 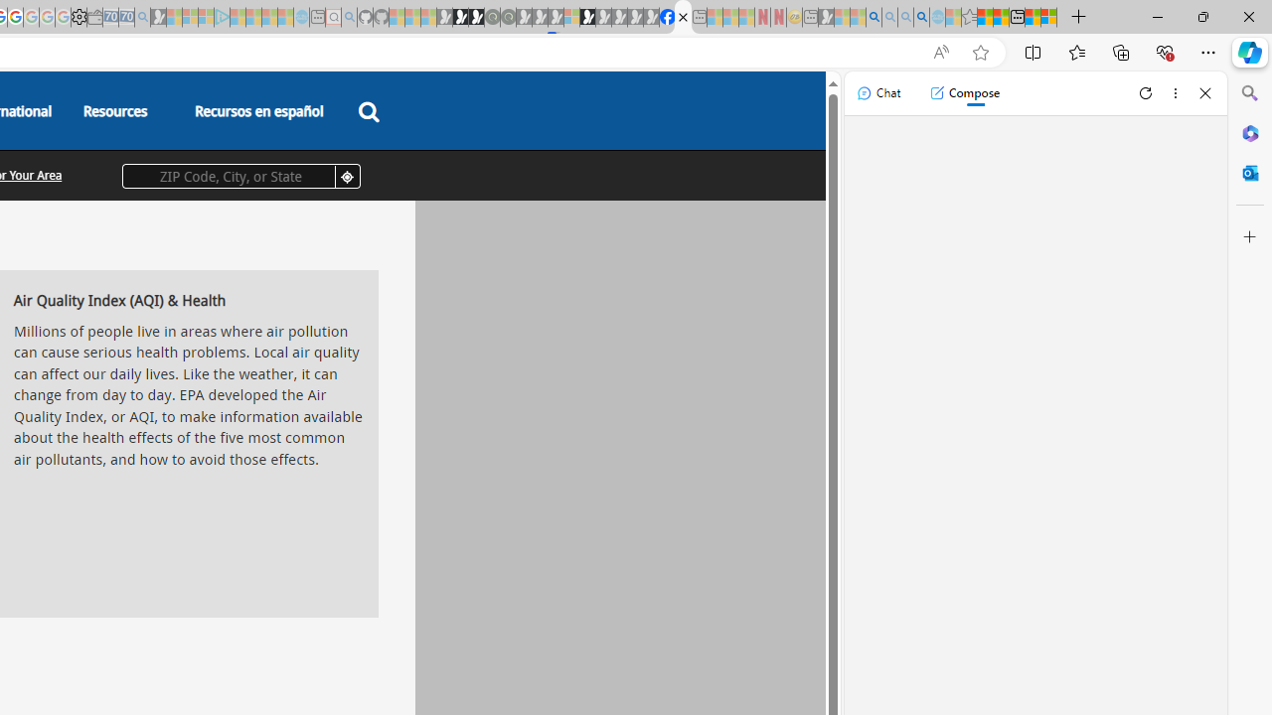 I want to click on 'AQI & Health | AirNow.gov', so click(x=683, y=17).